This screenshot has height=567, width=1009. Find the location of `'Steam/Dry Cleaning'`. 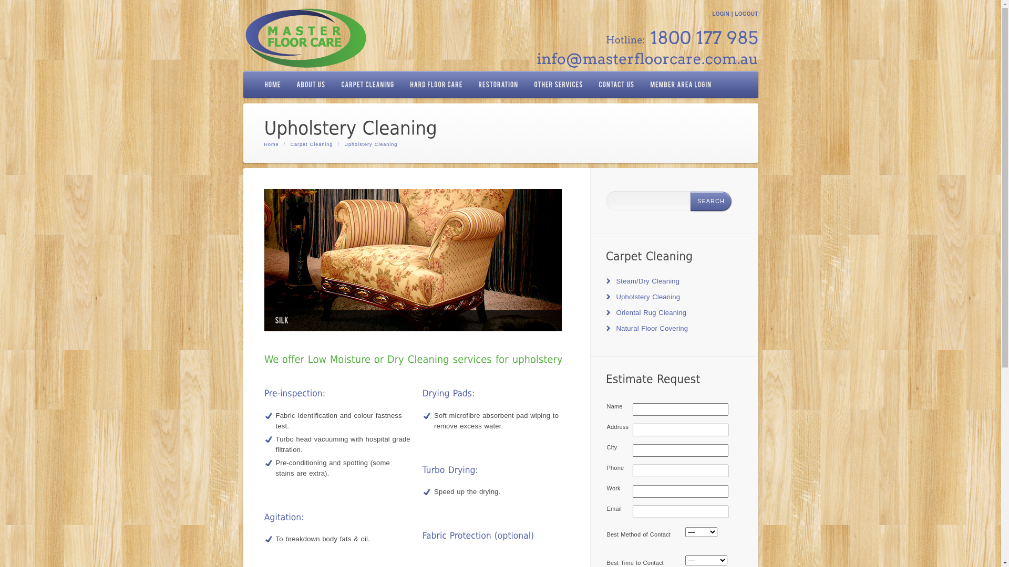

'Steam/Dry Cleaning' is located at coordinates (647, 280).